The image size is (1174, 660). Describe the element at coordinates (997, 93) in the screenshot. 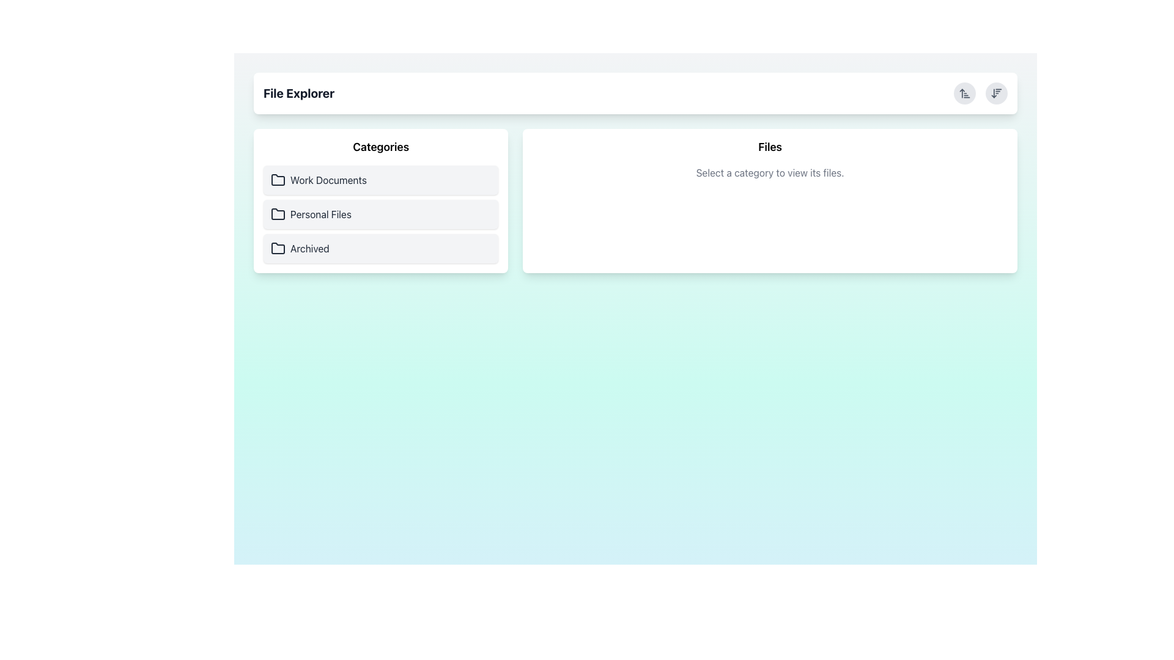

I see `the circular button with a downward arrow icon in the top-right corner of the interface to observe its hover effects` at that location.